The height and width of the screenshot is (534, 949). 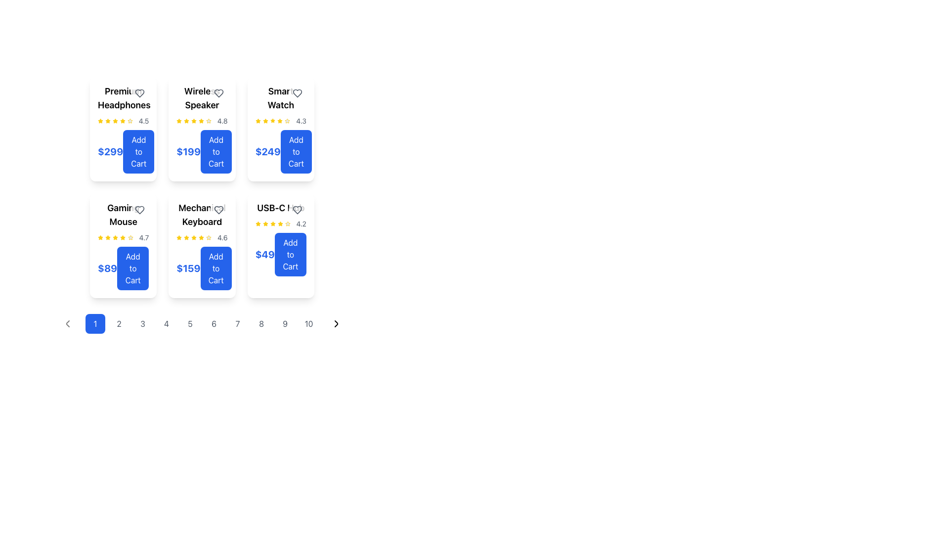 What do you see at coordinates (129, 121) in the screenshot?
I see `the star icon representing the rating system for the product 'Premium Headphones' located in the rating section below the product title in the first product card of the grid layout` at bounding box center [129, 121].